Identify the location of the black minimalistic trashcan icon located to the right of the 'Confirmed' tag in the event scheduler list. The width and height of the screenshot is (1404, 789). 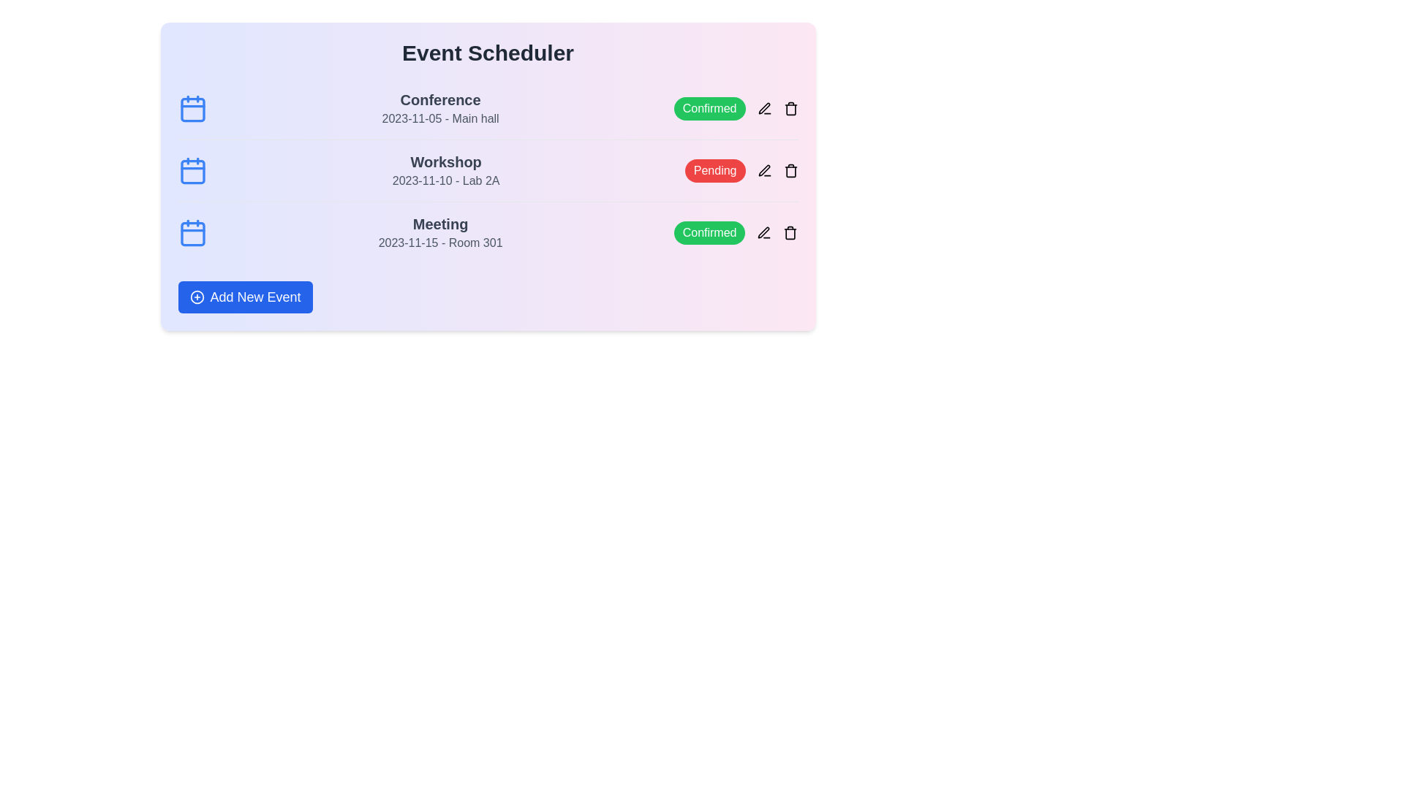
(790, 108).